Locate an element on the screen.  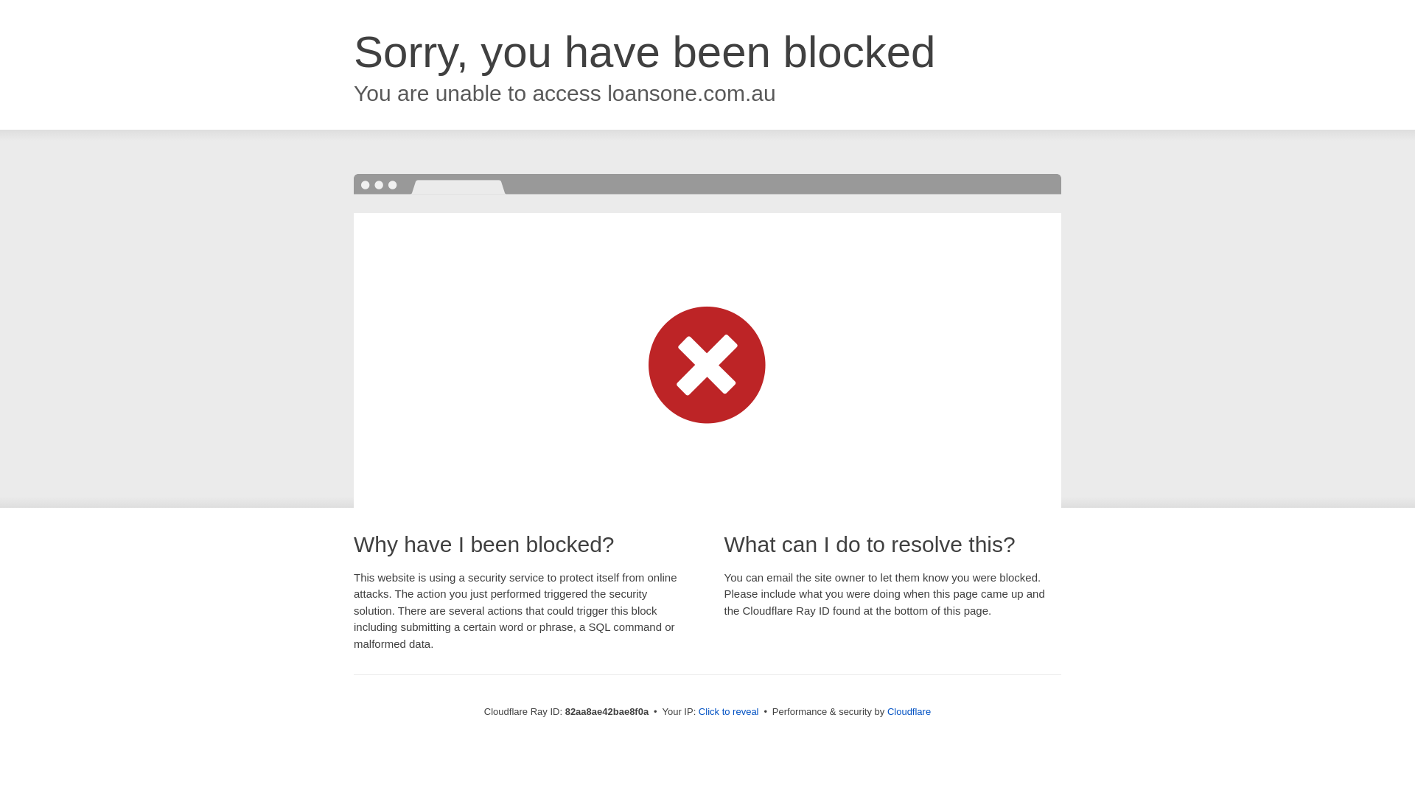
'Cloudflare' is located at coordinates (908, 711).